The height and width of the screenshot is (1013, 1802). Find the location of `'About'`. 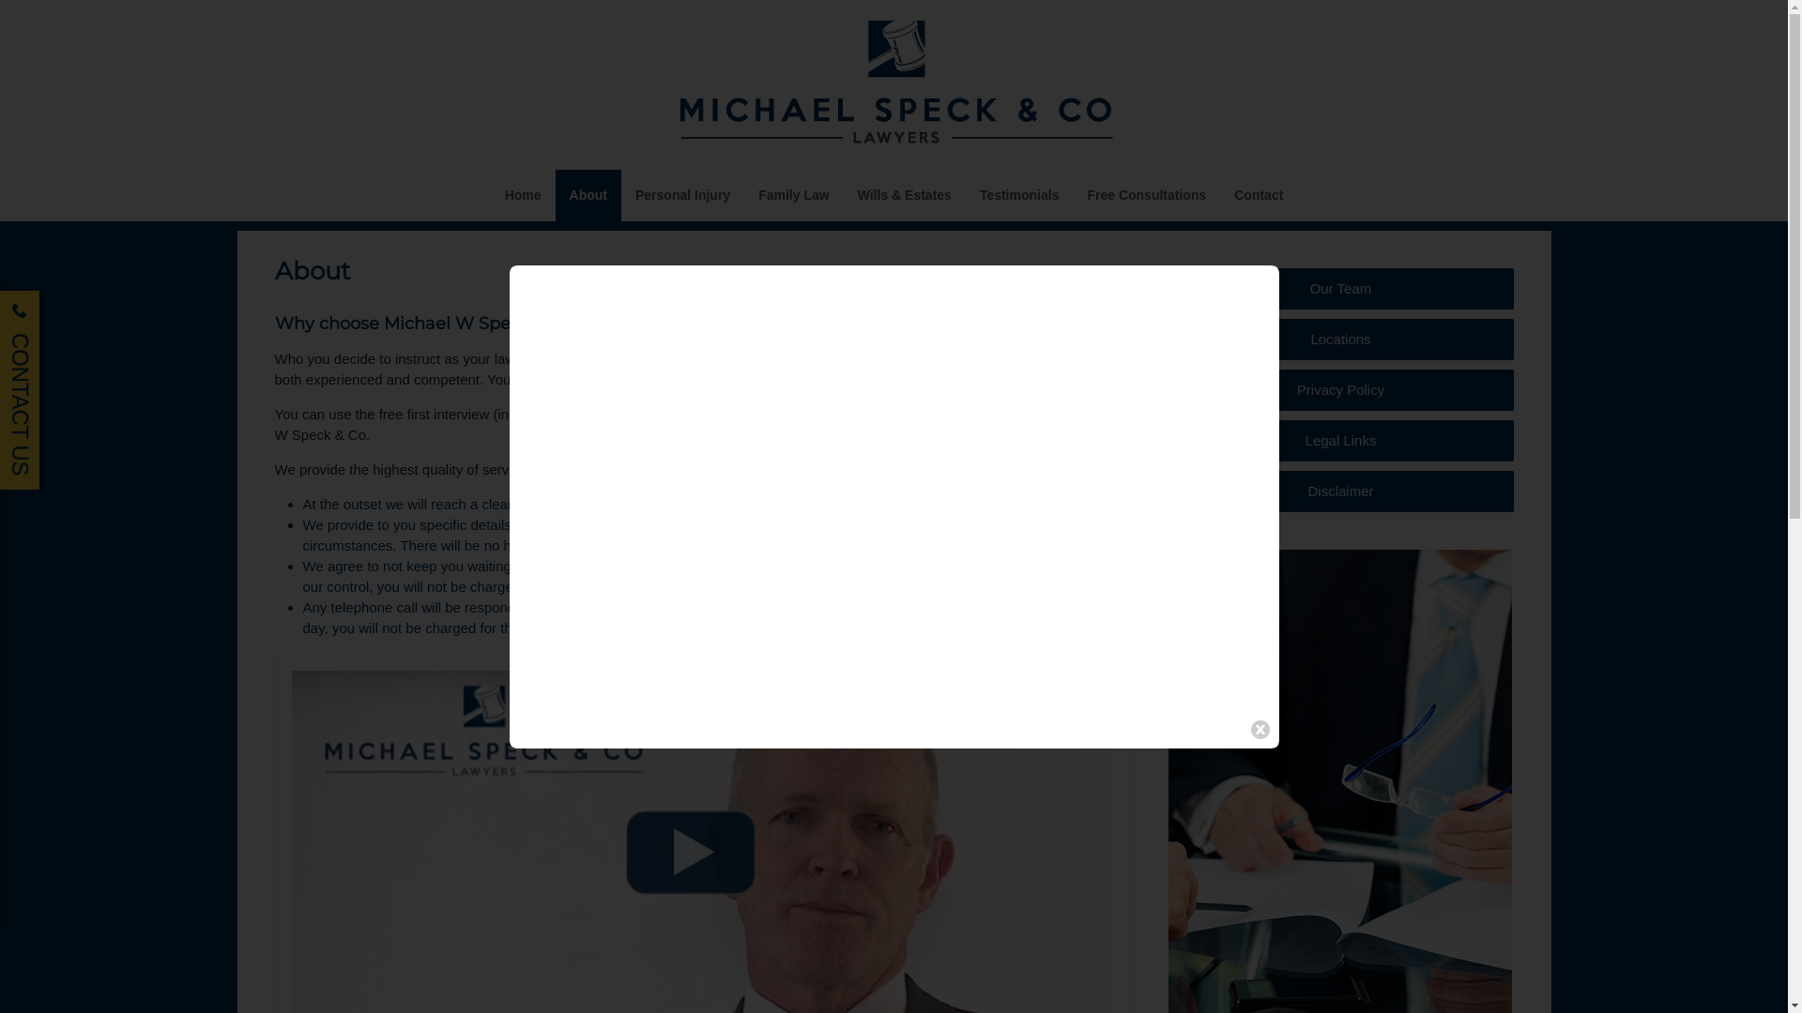

'About' is located at coordinates (588, 195).